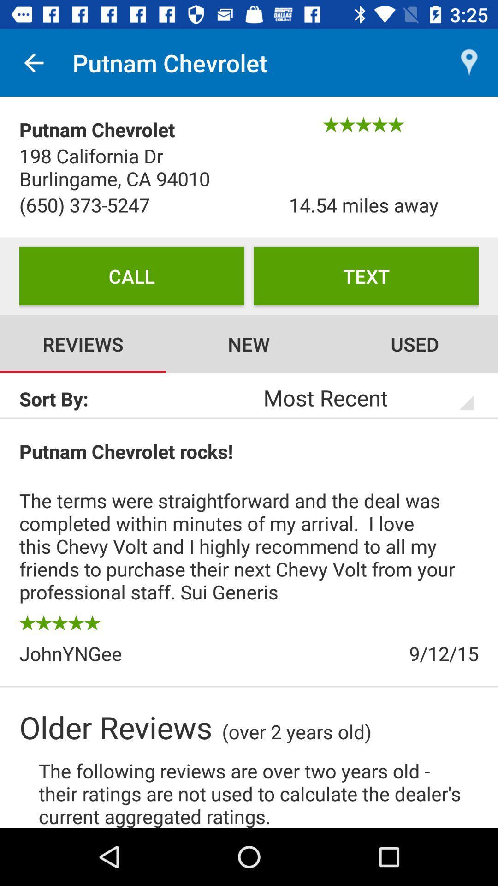 The height and width of the screenshot is (886, 498). Describe the element at coordinates (131, 275) in the screenshot. I see `icon below (650) 373-5247` at that location.